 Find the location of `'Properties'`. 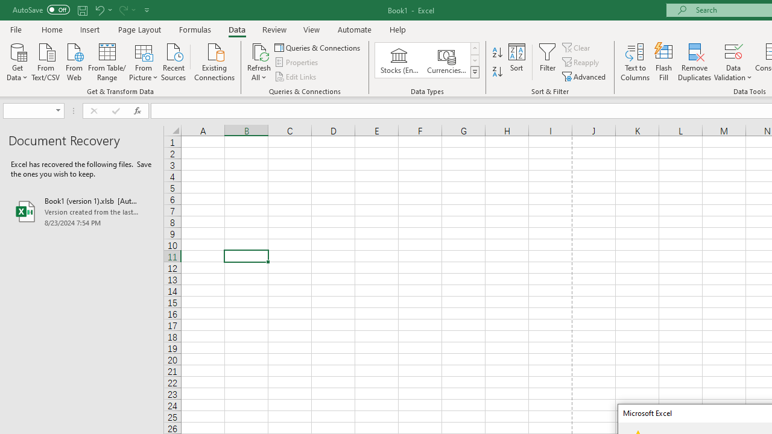

'Properties' is located at coordinates (297, 62).